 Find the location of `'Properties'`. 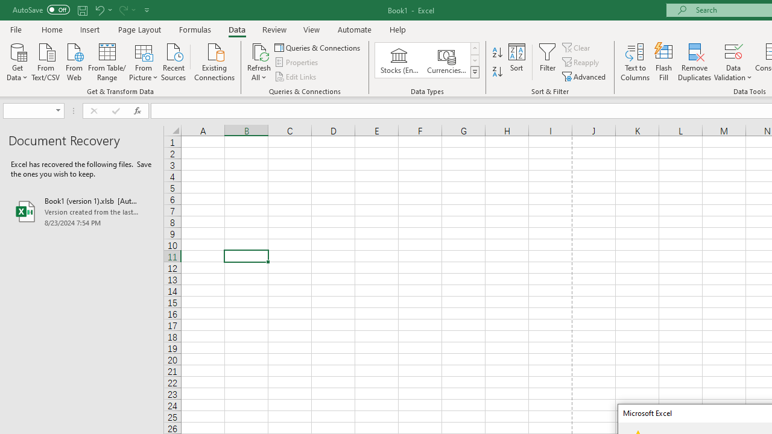

'Properties' is located at coordinates (297, 62).